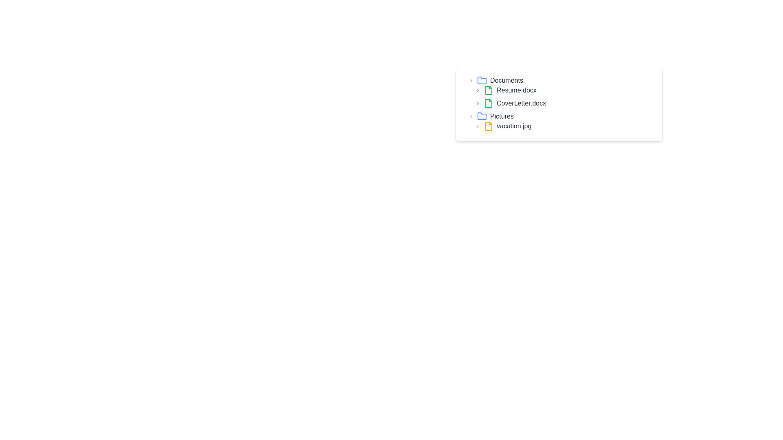 Image resolution: width=783 pixels, height=440 pixels. What do you see at coordinates (501, 116) in the screenshot?
I see `on the 'Pictures' folder label` at bounding box center [501, 116].